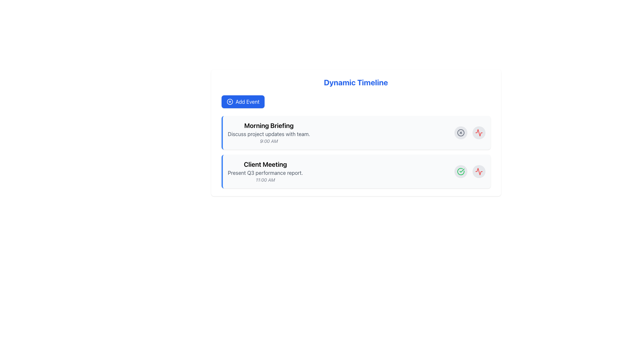 The height and width of the screenshot is (349, 621). I want to click on the Button Group associated with the timeline entry titled 'Morning Briefing' for more options, so click(470, 132).